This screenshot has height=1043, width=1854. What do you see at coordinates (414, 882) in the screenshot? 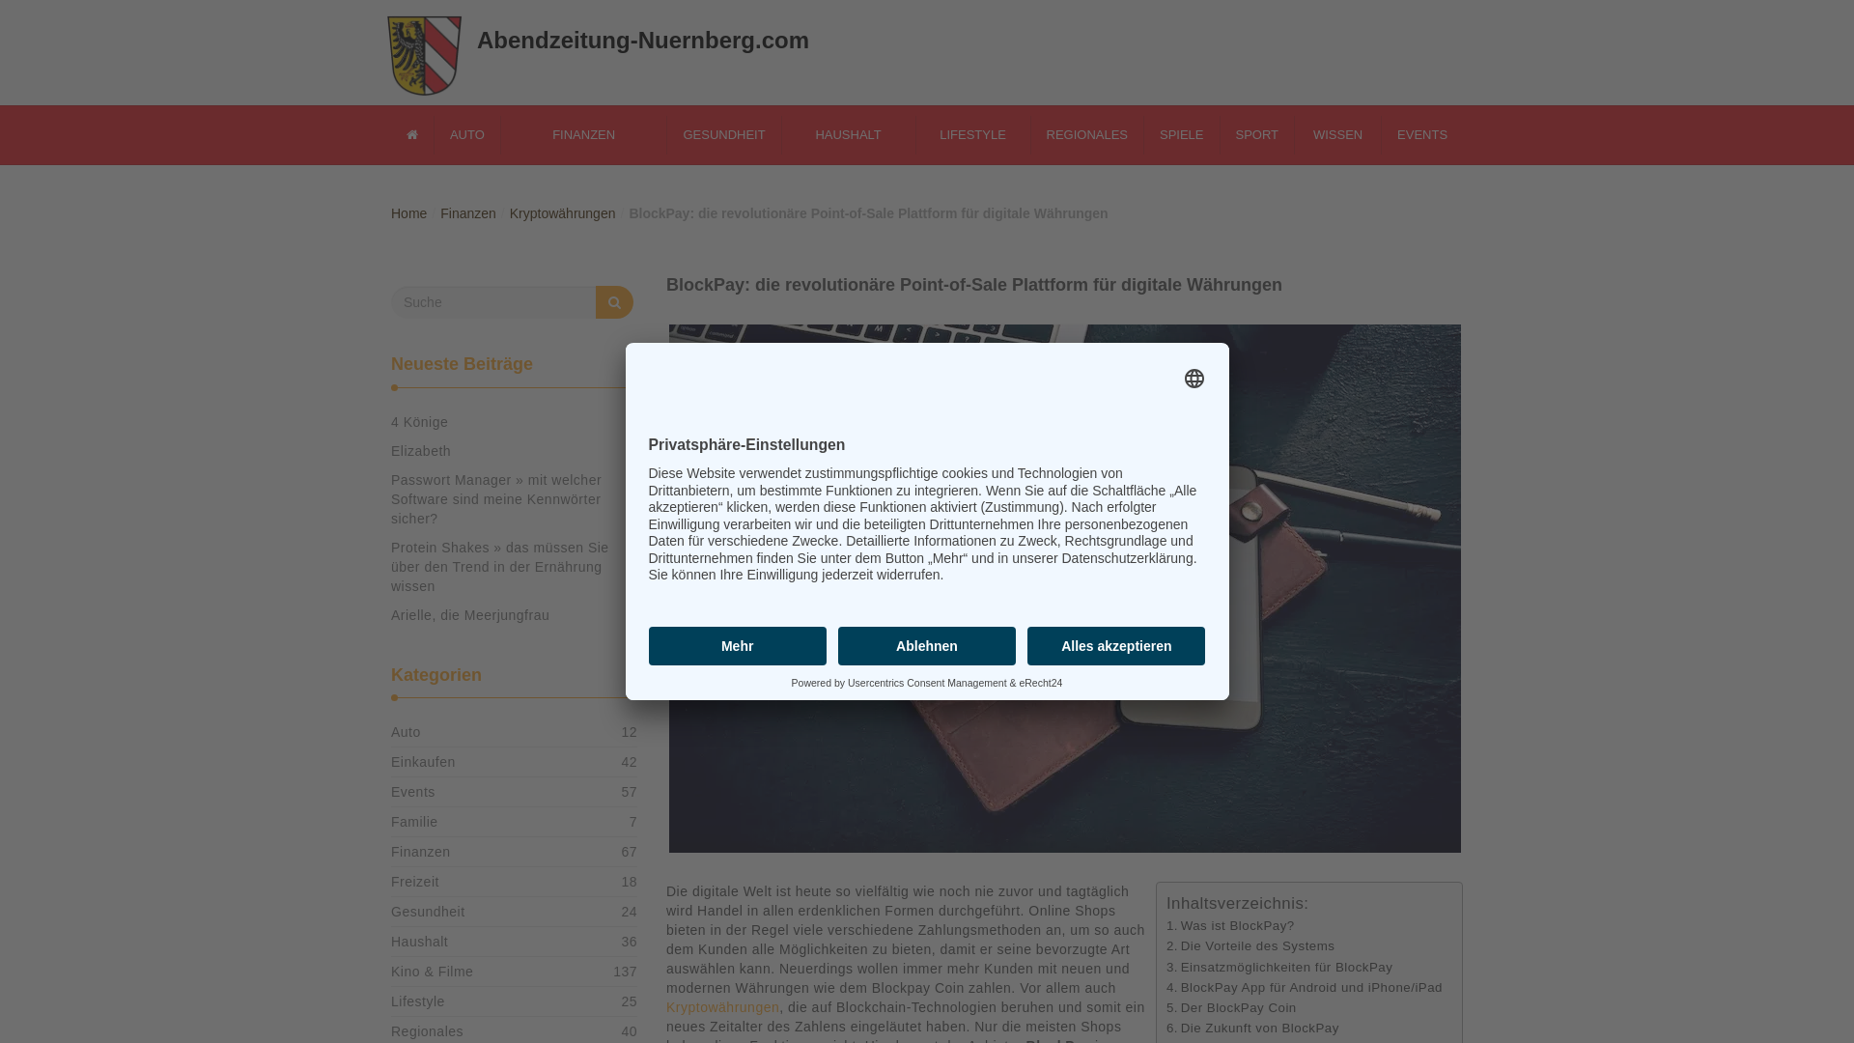
I see `'Freizeit` at bounding box center [414, 882].